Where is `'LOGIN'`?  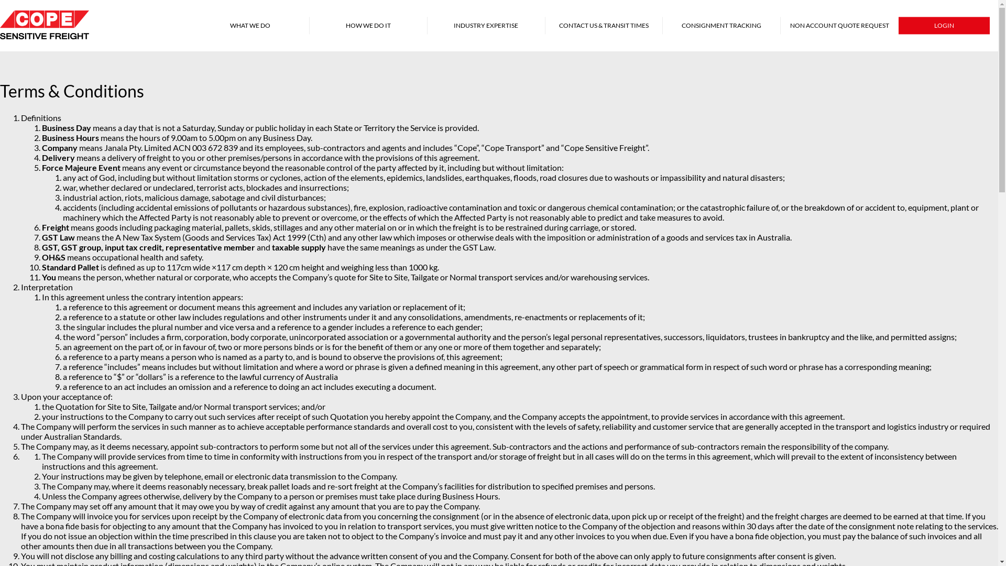
'LOGIN' is located at coordinates (944, 25).